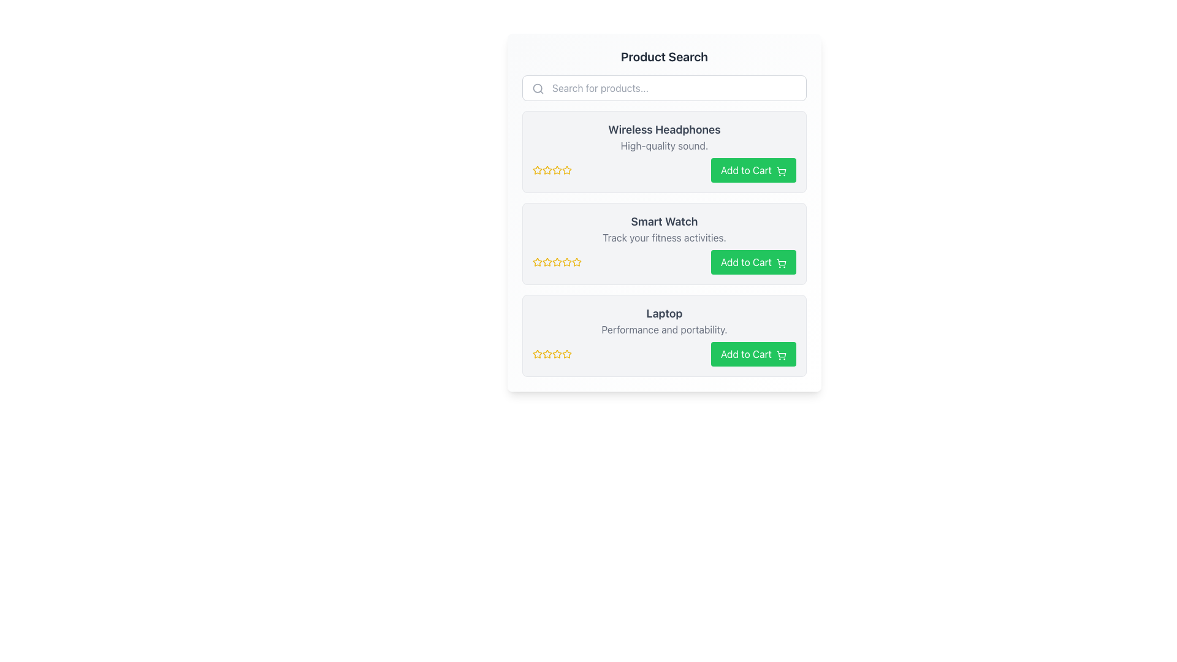 Image resolution: width=1177 pixels, height=662 pixels. I want to click on the shopping cart icon, which is an SVG graphic with a green outline, located within the 'Add to Cart' button at the right side, so click(781, 354).